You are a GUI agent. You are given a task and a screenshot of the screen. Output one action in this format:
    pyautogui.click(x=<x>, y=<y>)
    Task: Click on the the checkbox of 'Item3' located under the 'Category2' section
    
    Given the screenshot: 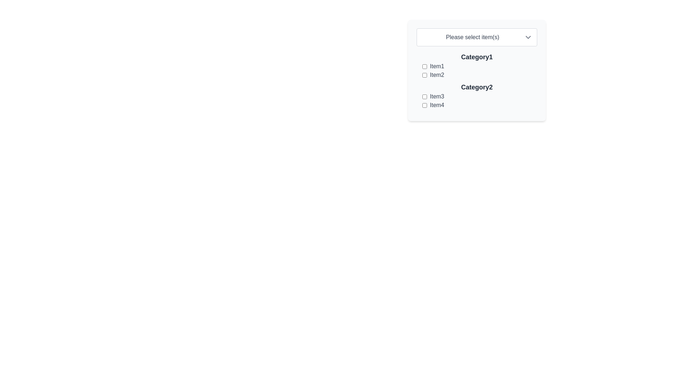 What is the action you would take?
    pyautogui.click(x=477, y=101)
    